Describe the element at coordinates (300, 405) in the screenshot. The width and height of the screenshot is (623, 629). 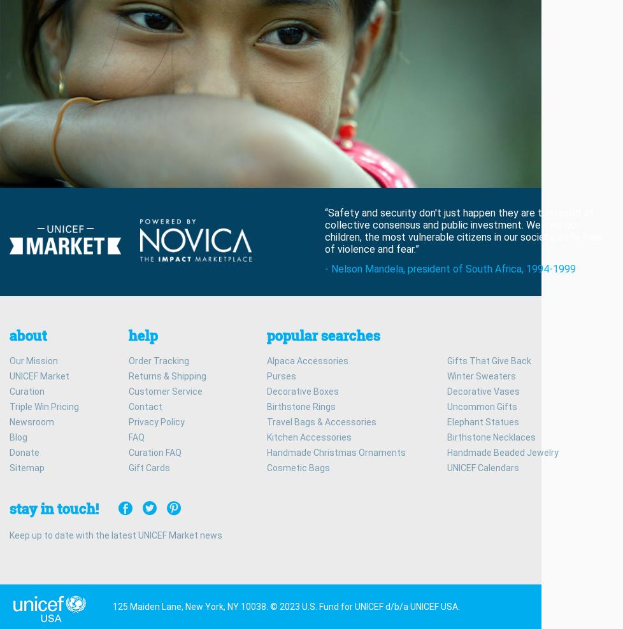
I see `'Birthstone Rings'` at that location.